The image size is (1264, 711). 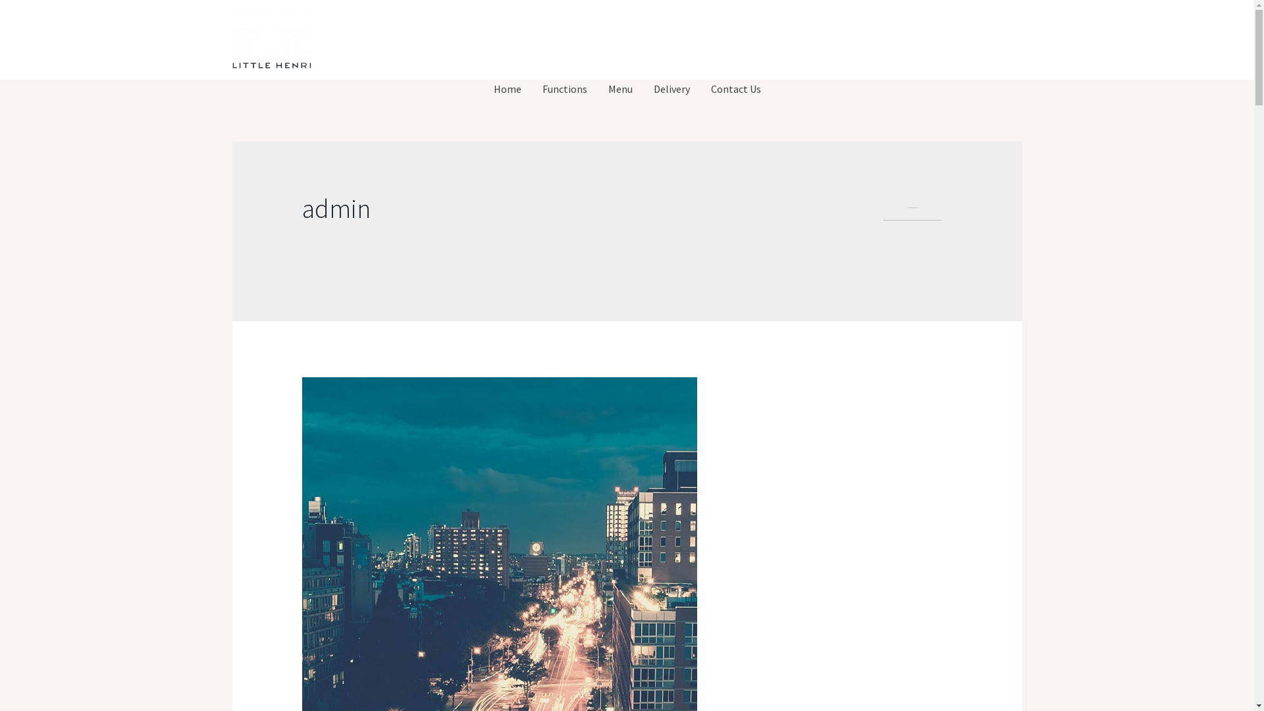 What do you see at coordinates (507, 89) in the screenshot?
I see `'Home'` at bounding box center [507, 89].